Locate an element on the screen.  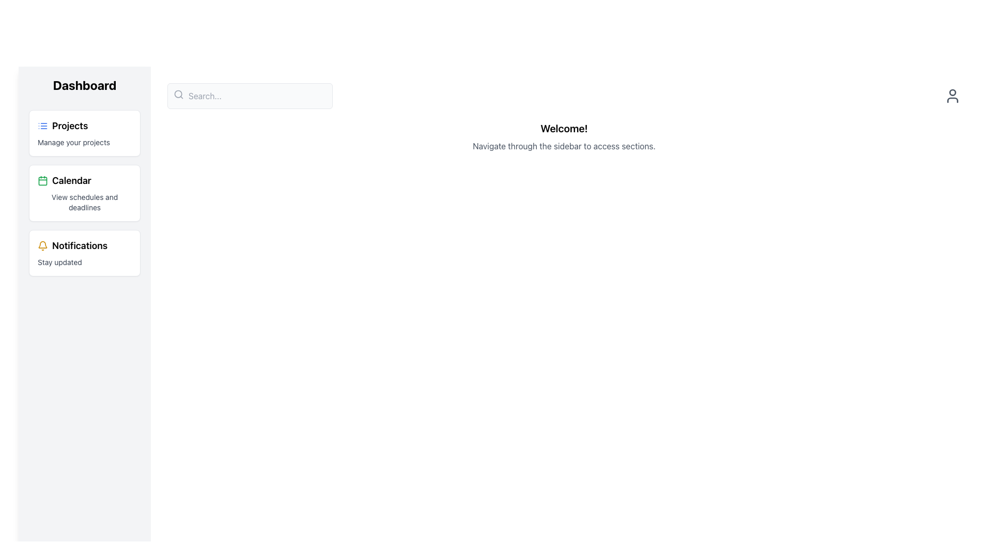
the text block containing the sentence 'Navigate through the sidebar is located at coordinates (563, 146).